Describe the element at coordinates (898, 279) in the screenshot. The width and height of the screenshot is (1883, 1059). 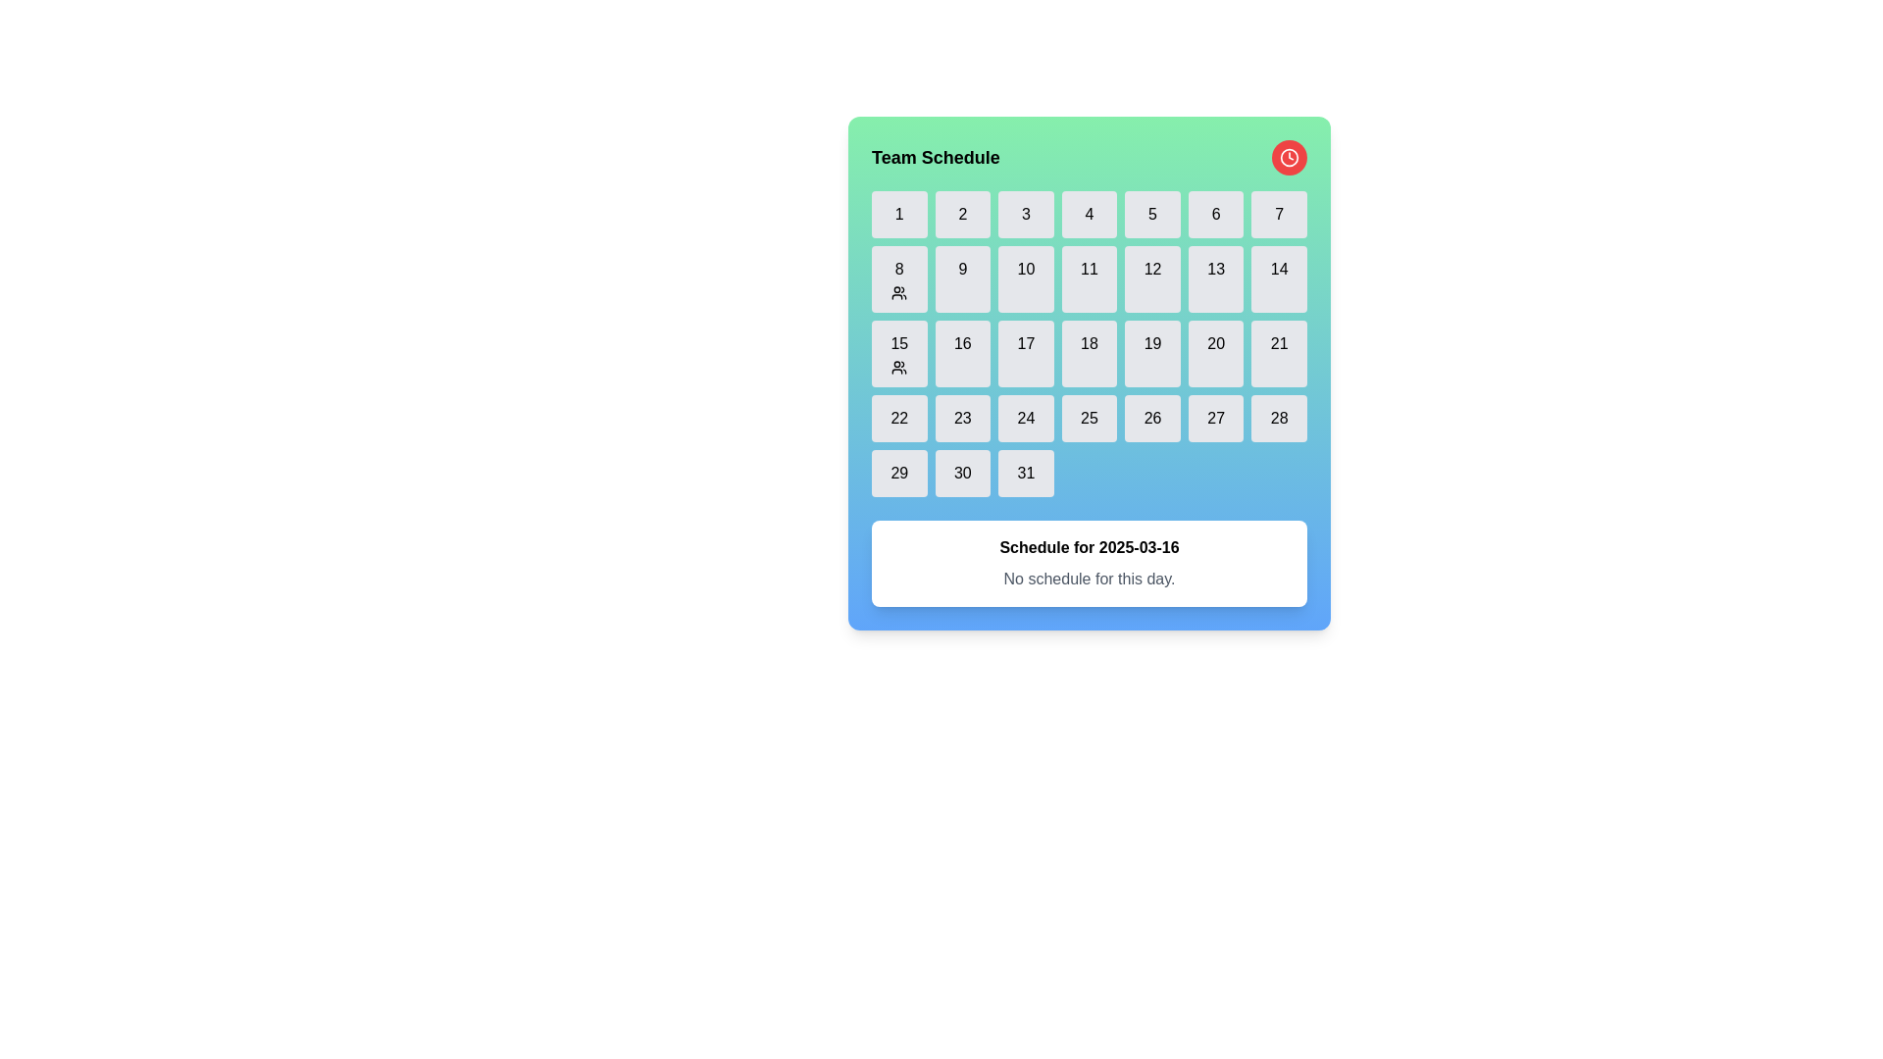
I see `the square tile displaying the numeral '8' with a group of people icon, located in the second row and first column of the calendar grid` at that location.